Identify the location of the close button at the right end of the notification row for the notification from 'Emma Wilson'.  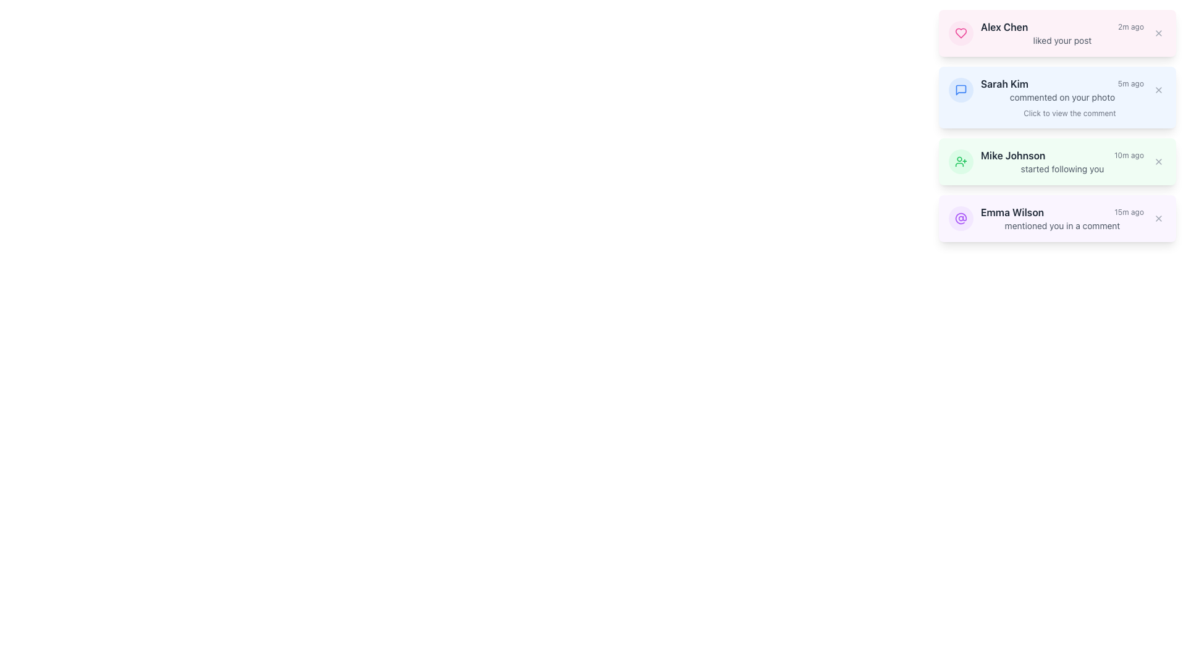
(1158, 218).